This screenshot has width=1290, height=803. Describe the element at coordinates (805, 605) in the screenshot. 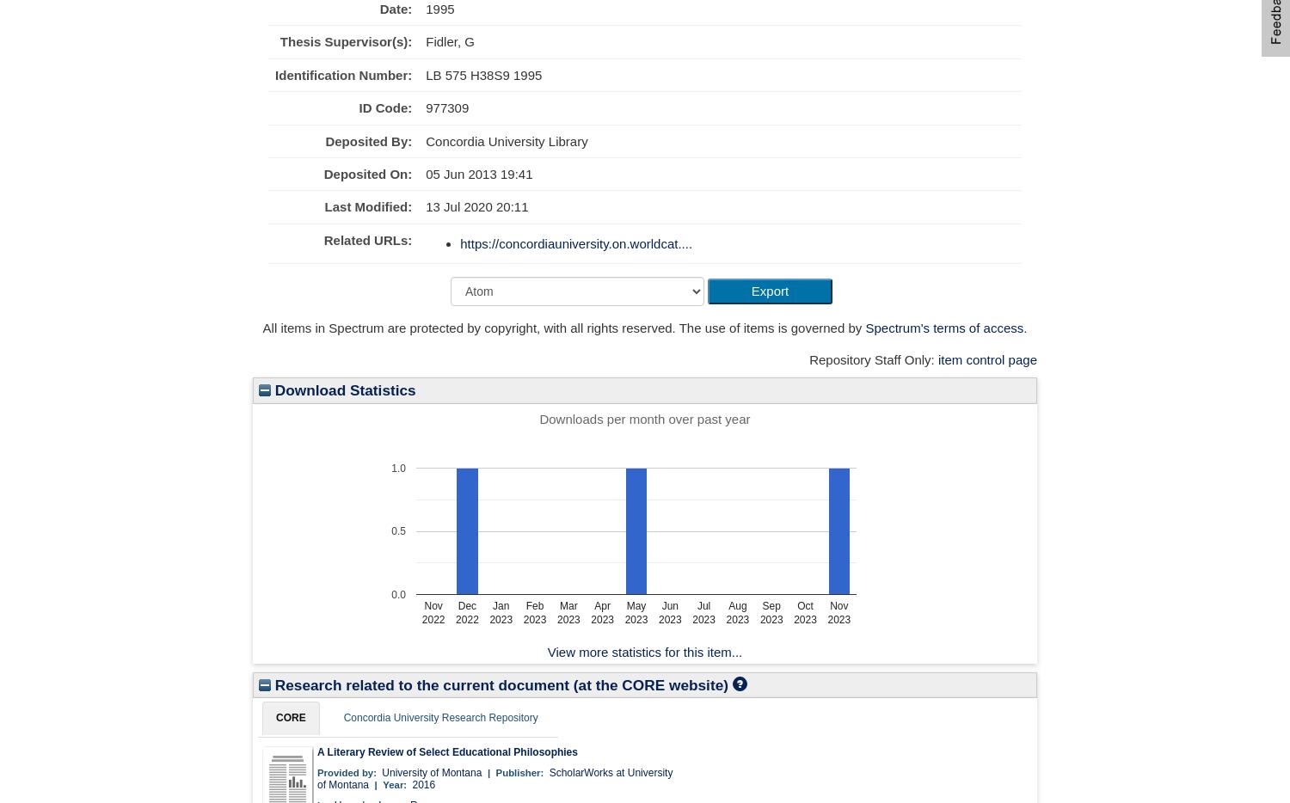

I see `'Oct'` at that location.